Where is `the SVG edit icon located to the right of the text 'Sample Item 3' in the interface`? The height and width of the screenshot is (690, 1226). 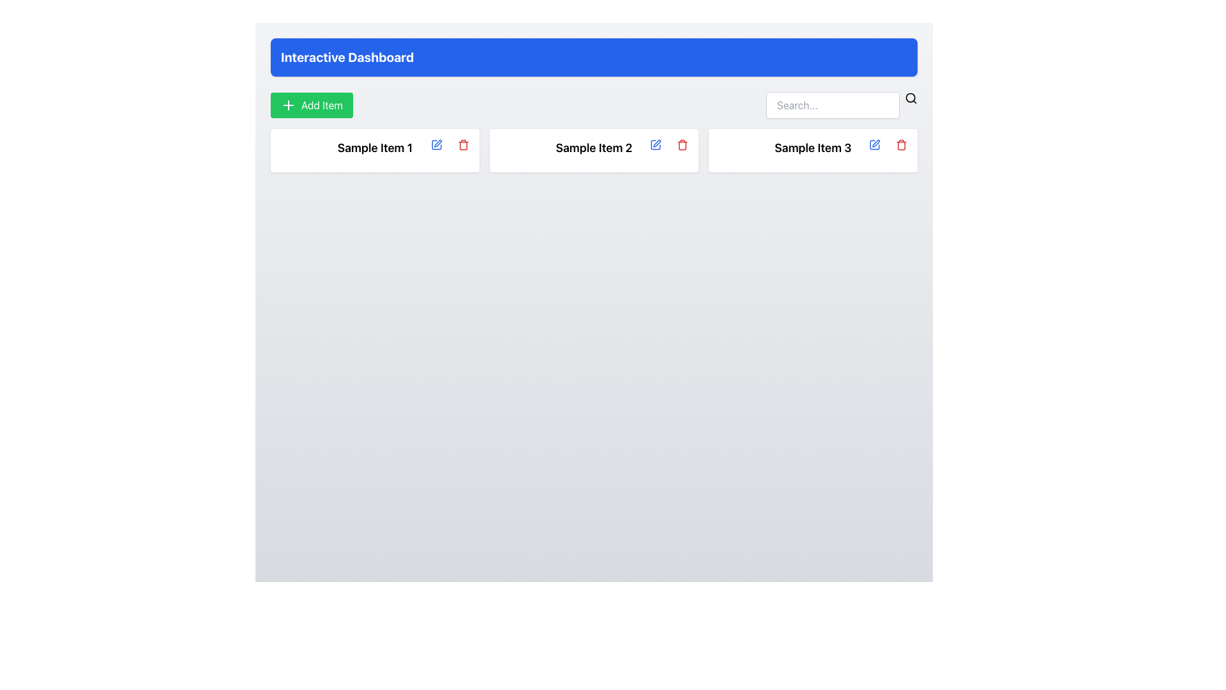
the SVG edit icon located to the right of the text 'Sample Item 3' in the interface is located at coordinates (875, 143).